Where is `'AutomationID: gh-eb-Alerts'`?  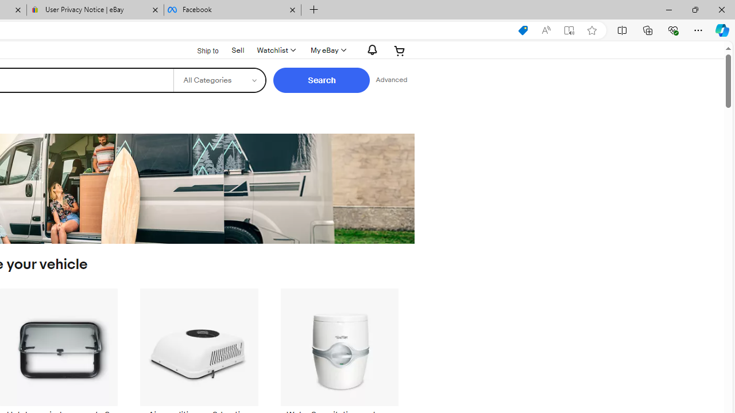
'AutomationID: gh-eb-Alerts' is located at coordinates (370, 49).